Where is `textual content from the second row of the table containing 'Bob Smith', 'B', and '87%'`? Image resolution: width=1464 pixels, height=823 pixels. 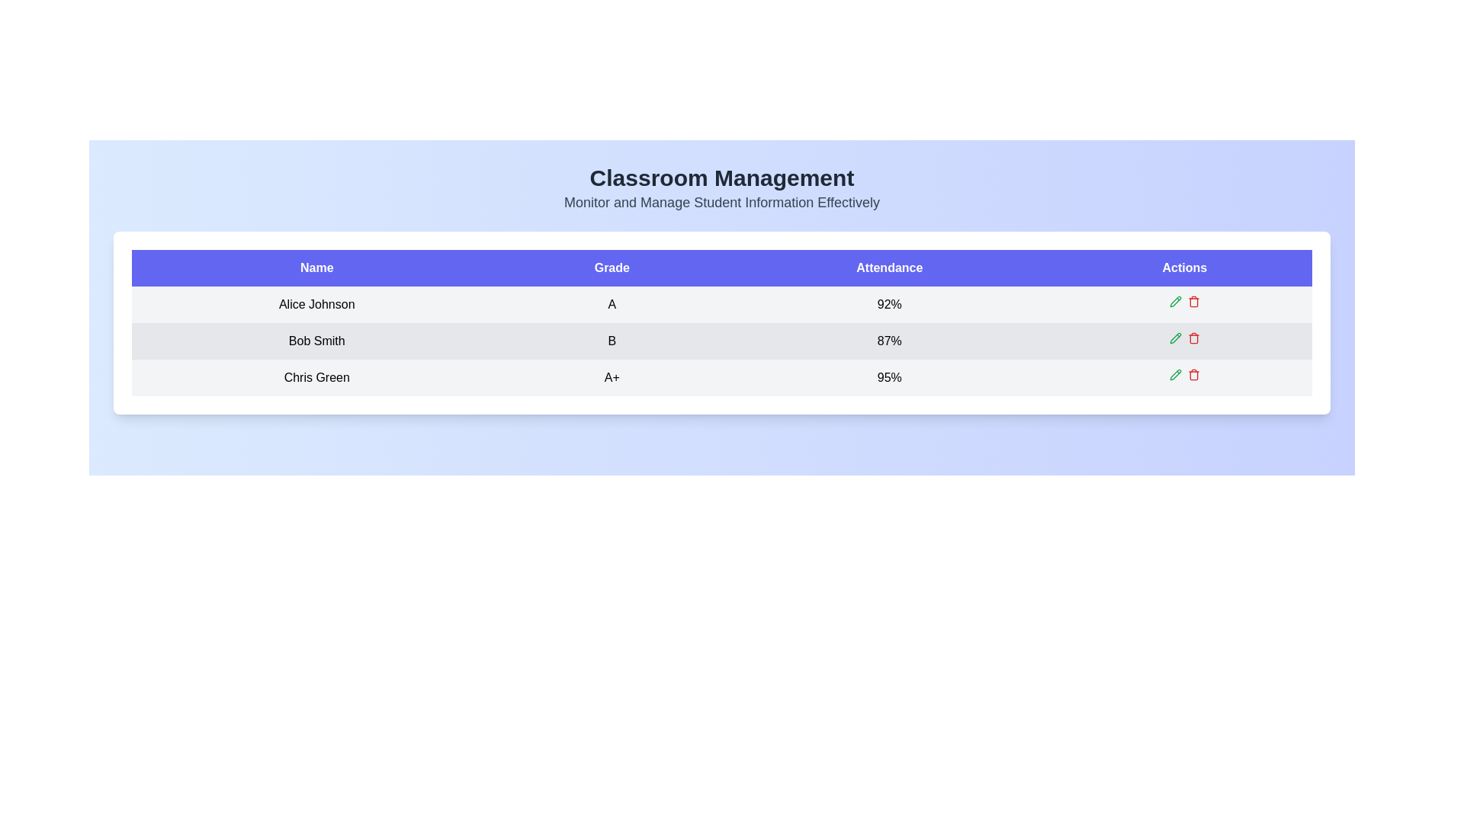
textual content from the second row of the table containing 'Bob Smith', 'B', and '87%' is located at coordinates (721, 340).